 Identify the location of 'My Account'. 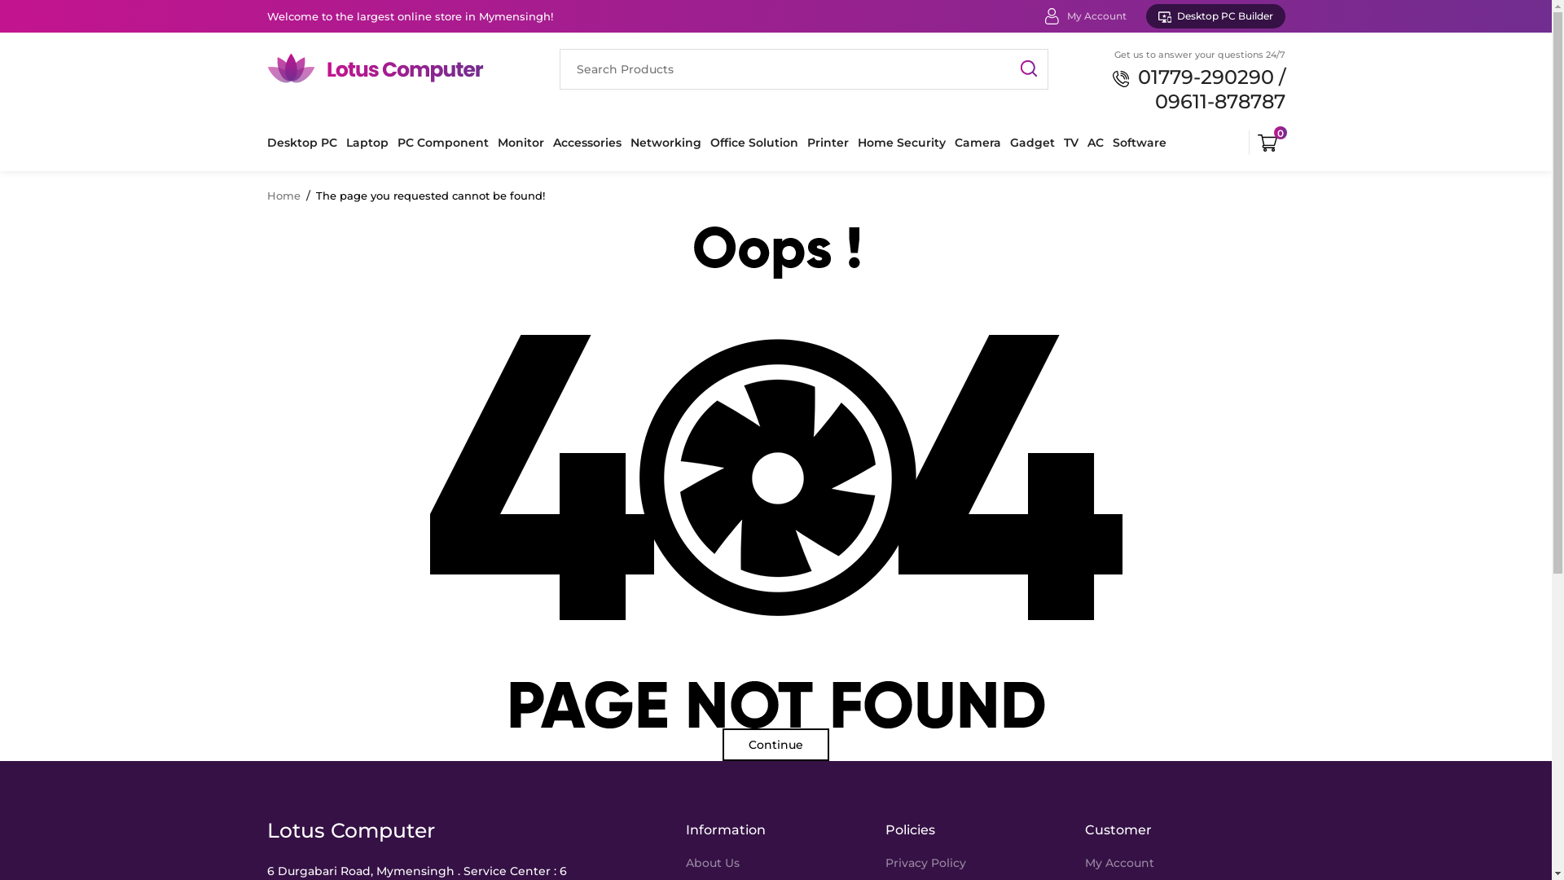
(1084, 862).